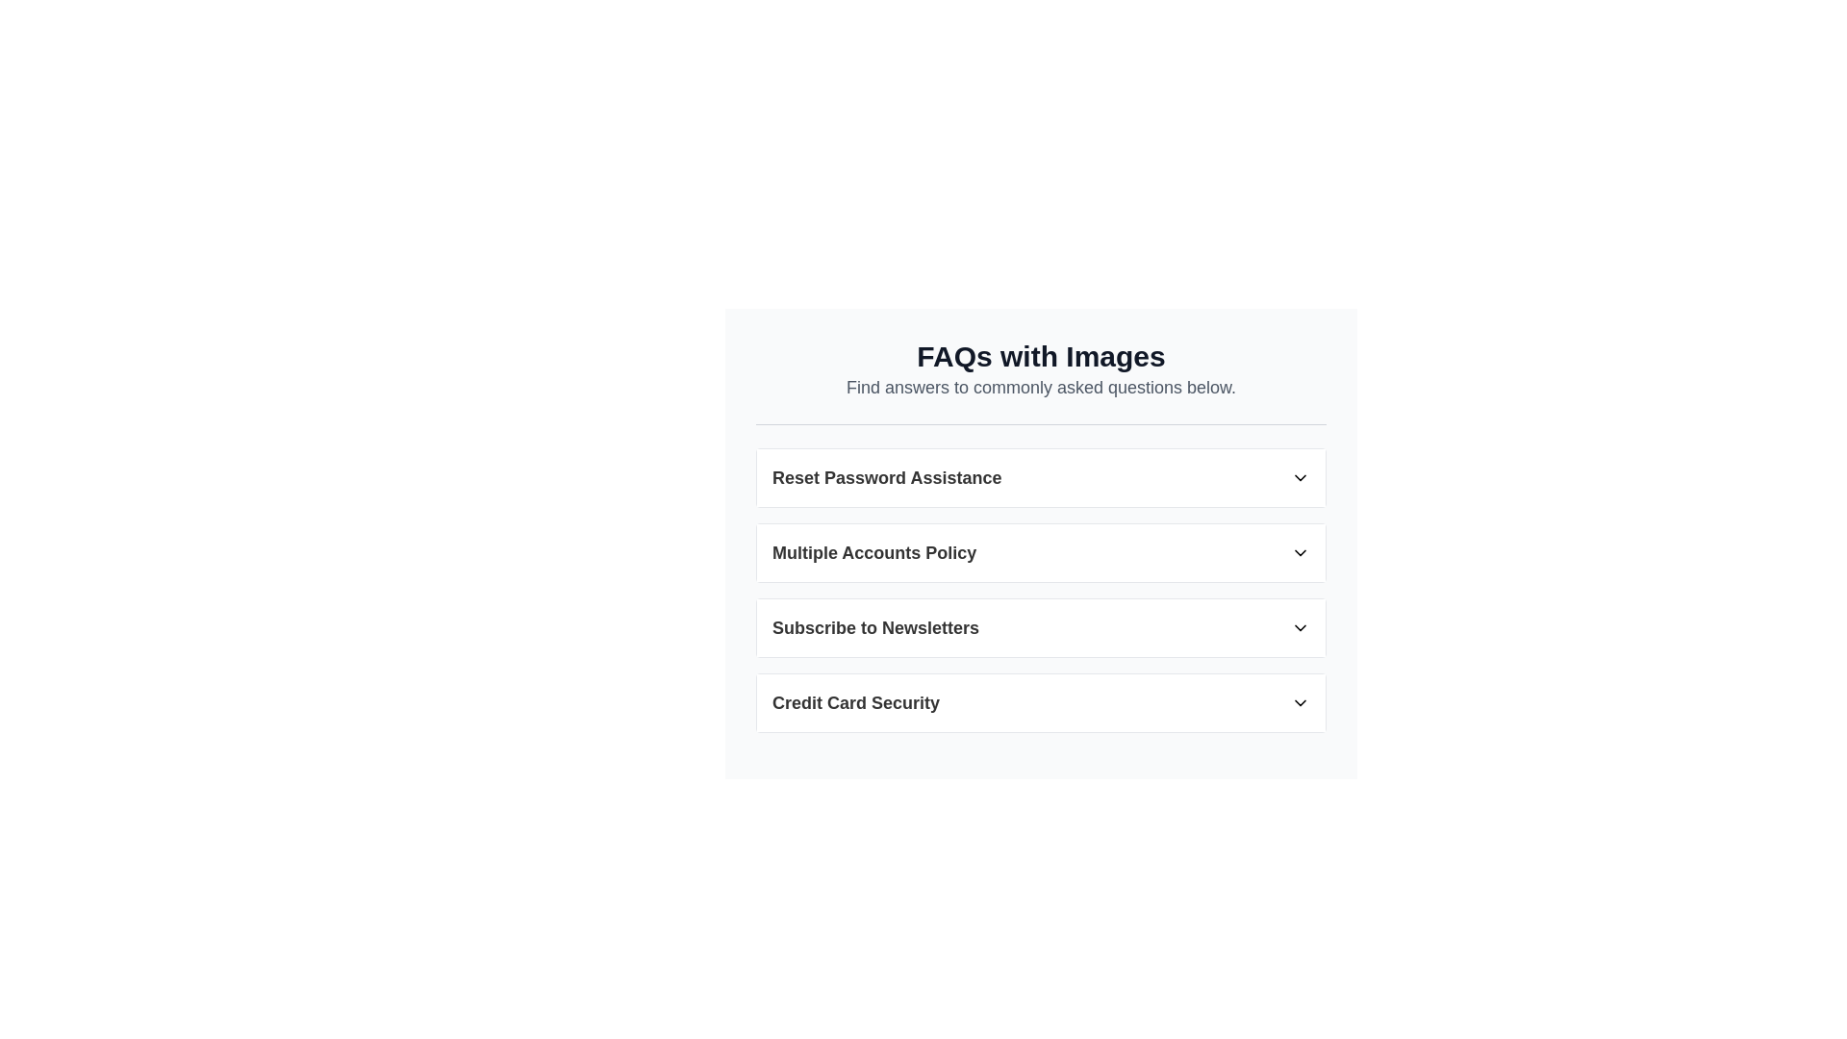 This screenshot has width=1847, height=1039. I want to click on text block located directly beneath the 'FAQs with Images' heading, which serves as an introductory note for users, so click(1040, 387).